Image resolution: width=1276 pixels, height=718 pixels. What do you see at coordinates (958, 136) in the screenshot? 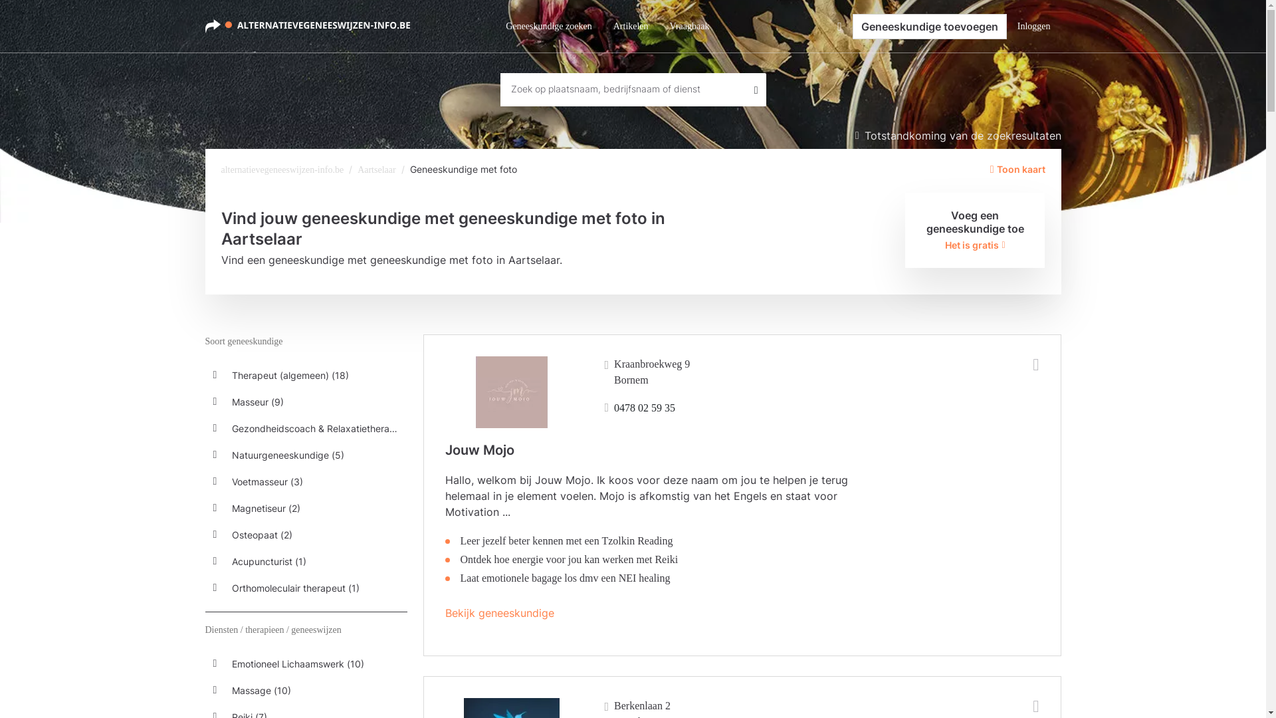
I see `'Totstandkoming van de zoekresultaten'` at bounding box center [958, 136].